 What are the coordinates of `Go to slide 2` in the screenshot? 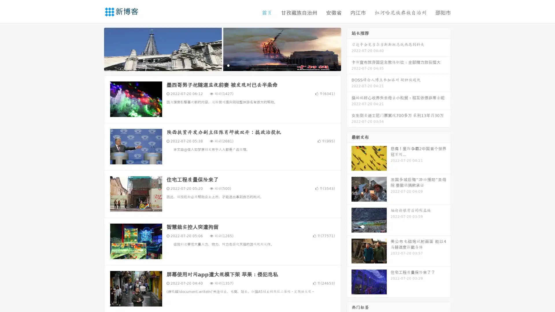 It's located at (222, 65).